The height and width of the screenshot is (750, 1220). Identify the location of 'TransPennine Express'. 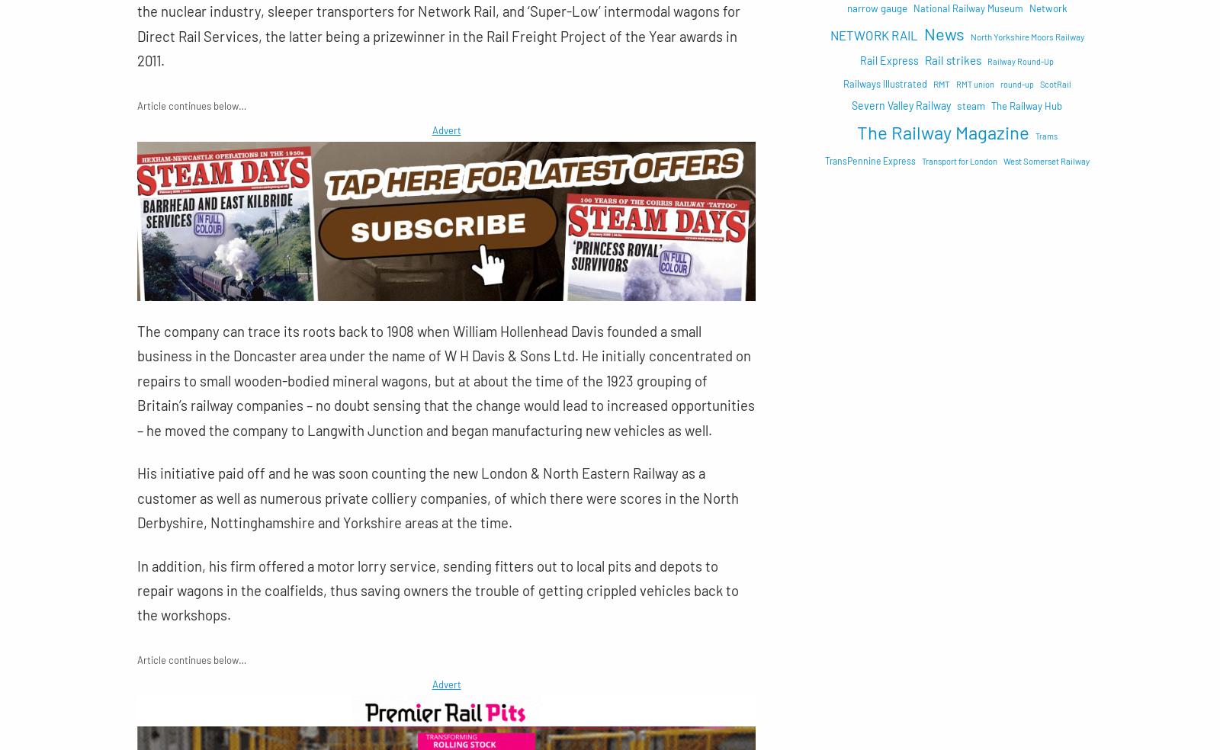
(823, 160).